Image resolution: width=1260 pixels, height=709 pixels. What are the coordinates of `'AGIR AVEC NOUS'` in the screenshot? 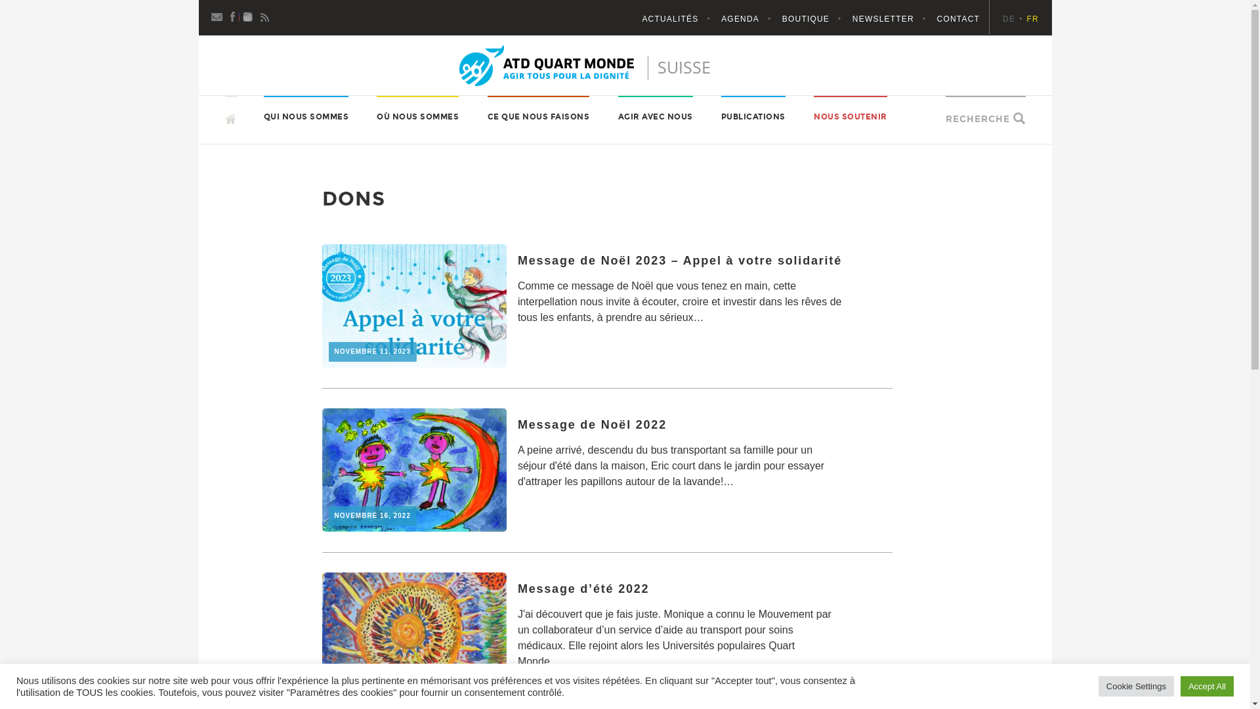 It's located at (655, 116).